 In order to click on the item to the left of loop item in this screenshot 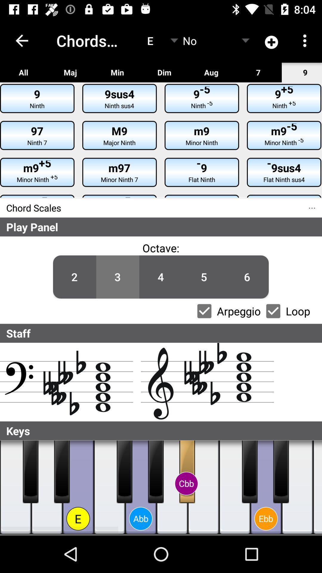, I will do `click(247, 277)`.